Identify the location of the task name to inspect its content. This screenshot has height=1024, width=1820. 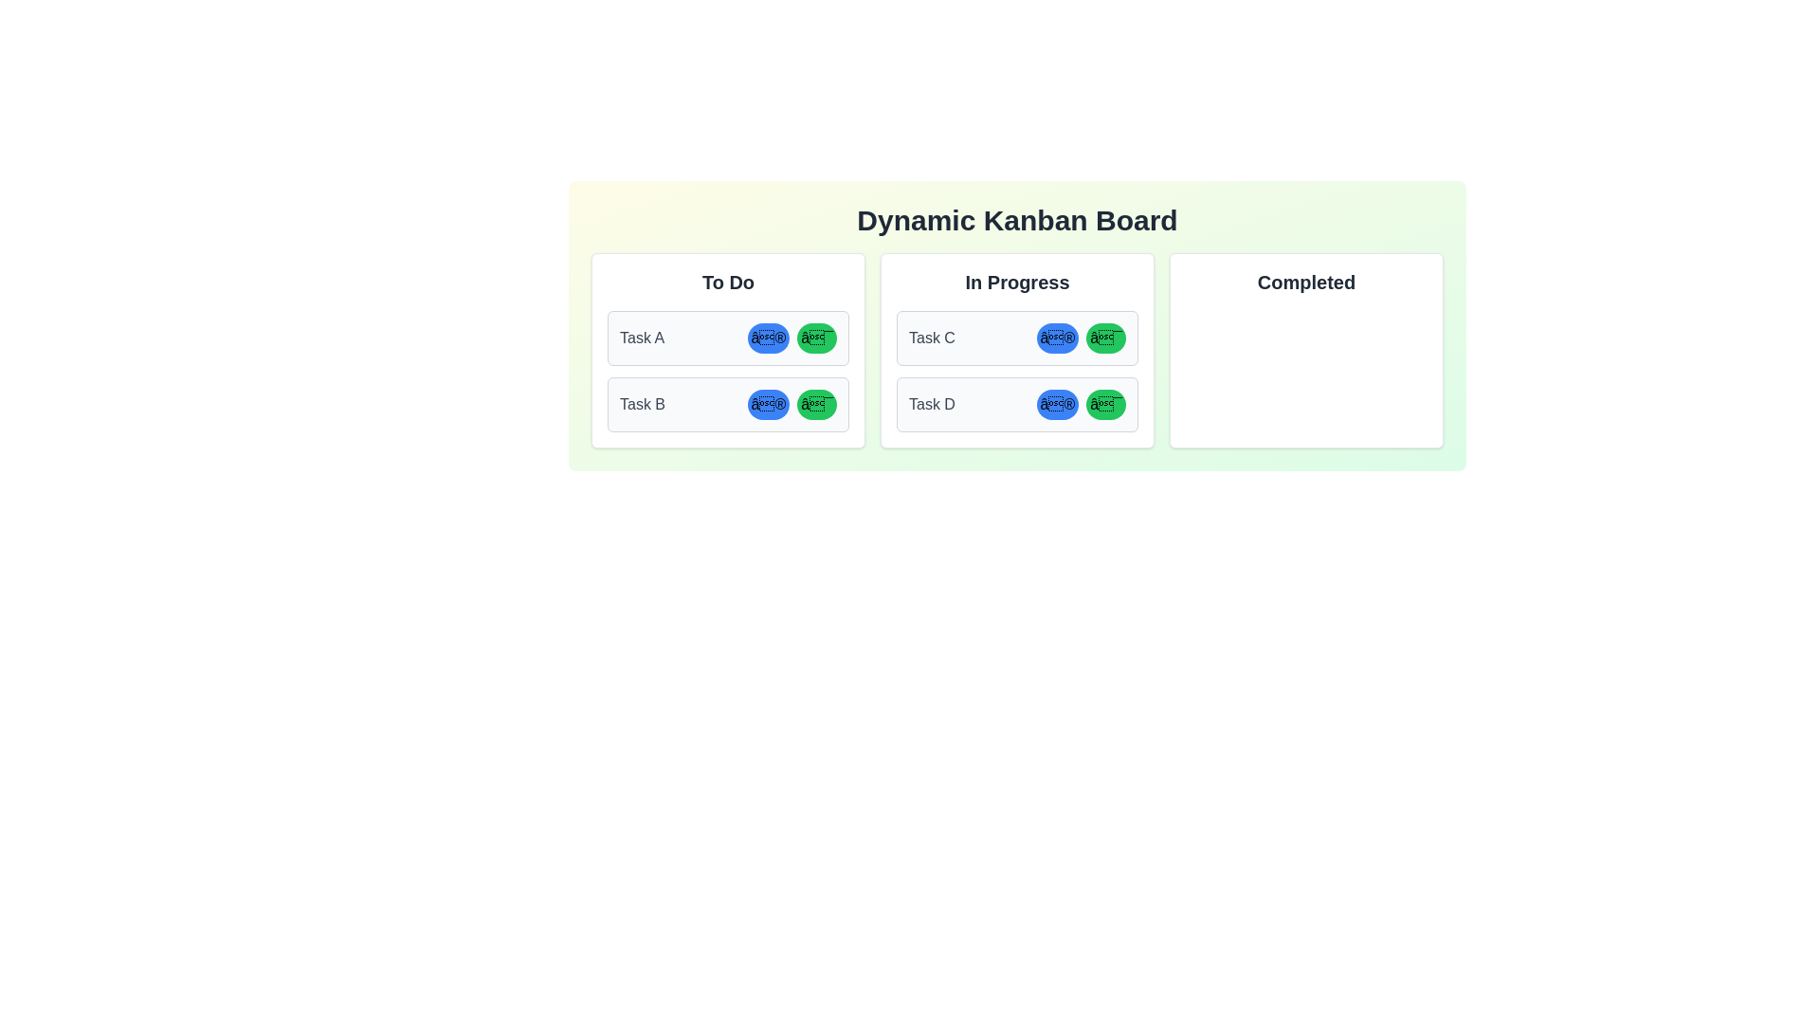
(642, 338).